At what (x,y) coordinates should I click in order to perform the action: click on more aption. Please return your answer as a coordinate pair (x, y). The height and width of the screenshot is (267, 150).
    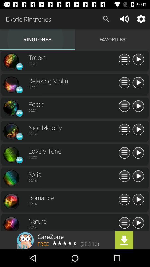
    Looking at the image, I should click on (124, 106).